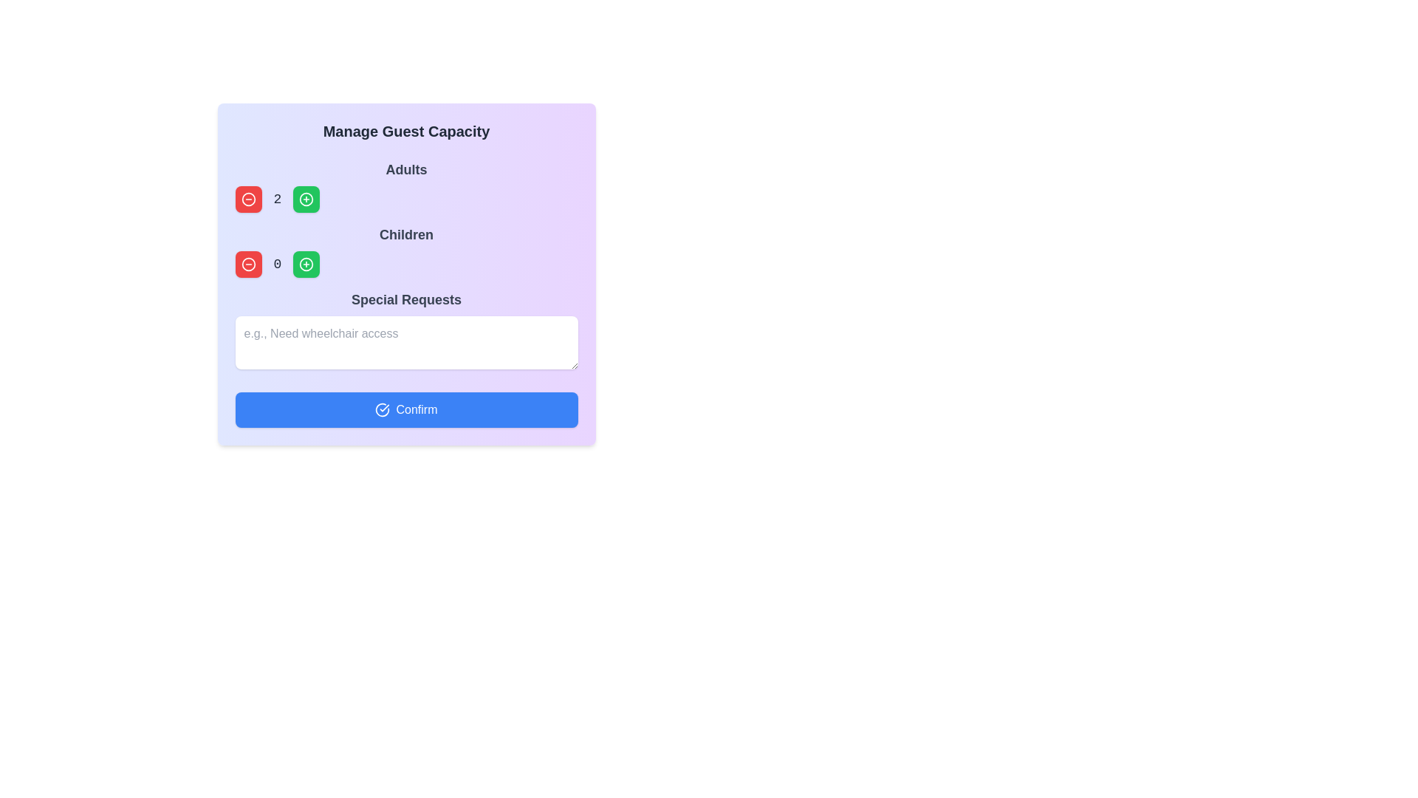  I want to click on the label indicating the section for setting the number of adult guests, located directly under the 'Manage Guest Capacity' heading, so click(406, 169).